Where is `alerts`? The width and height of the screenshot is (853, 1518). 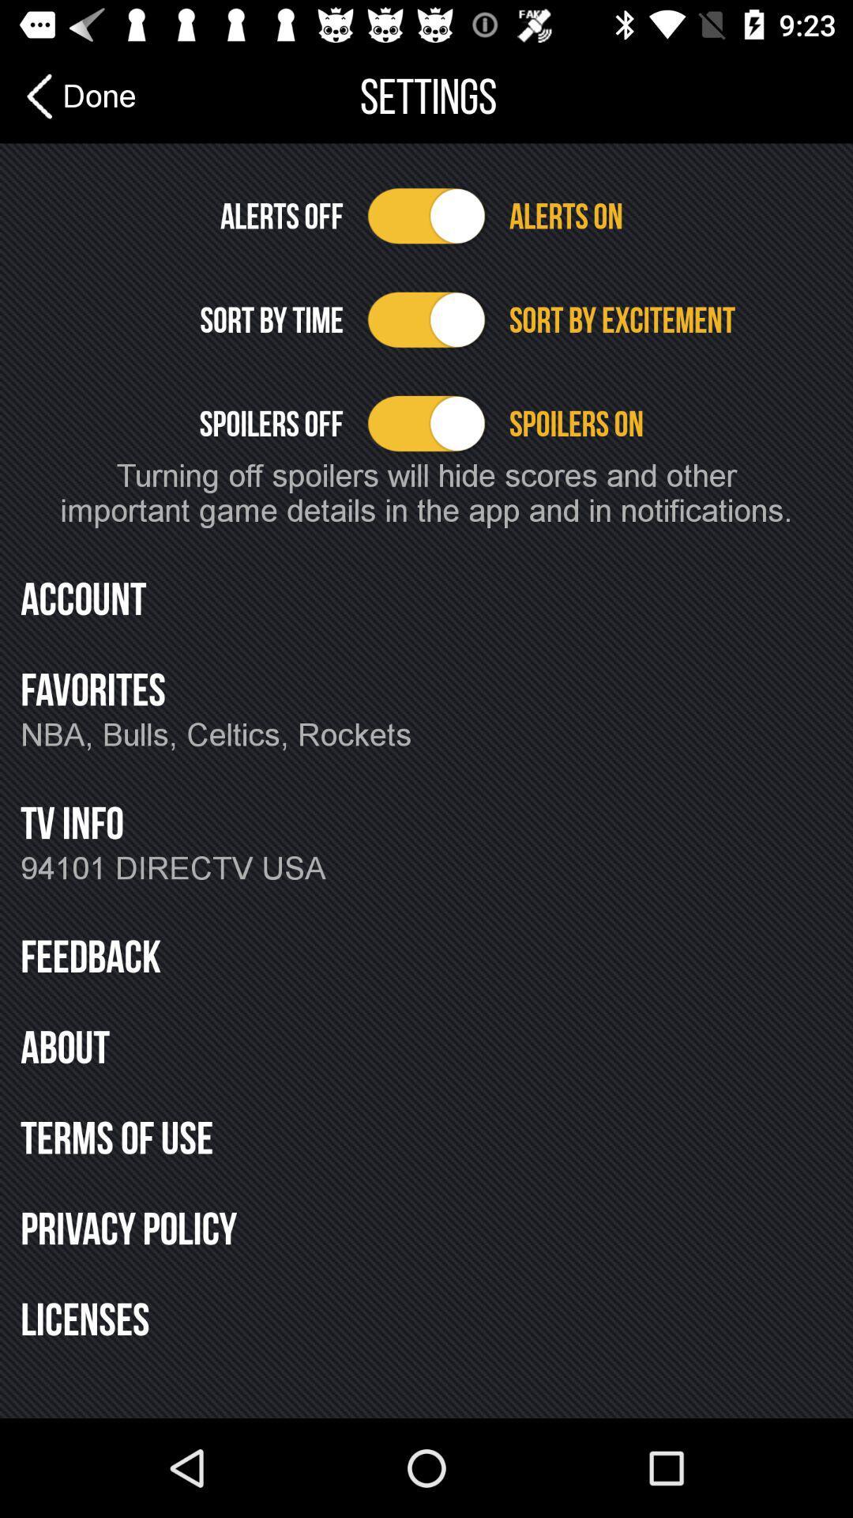
alerts is located at coordinates (426, 215).